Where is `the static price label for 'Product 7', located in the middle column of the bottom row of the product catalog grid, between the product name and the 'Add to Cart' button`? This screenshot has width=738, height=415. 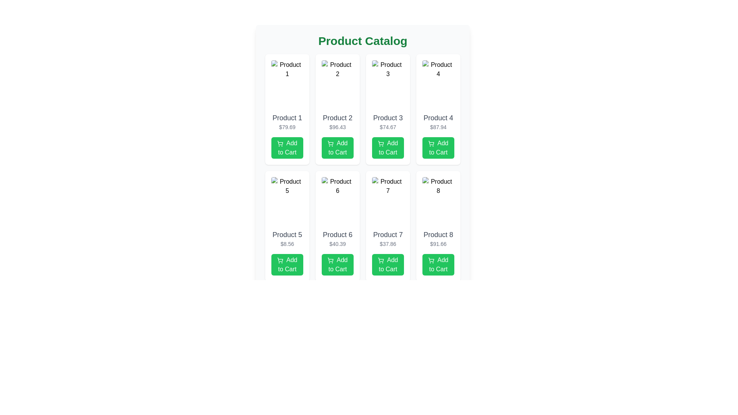 the static price label for 'Product 7', located in the middle column of the bottom row of the product catalog grid, between the product name and the 'Add to Cart' button is located at coordinates (388, 244).